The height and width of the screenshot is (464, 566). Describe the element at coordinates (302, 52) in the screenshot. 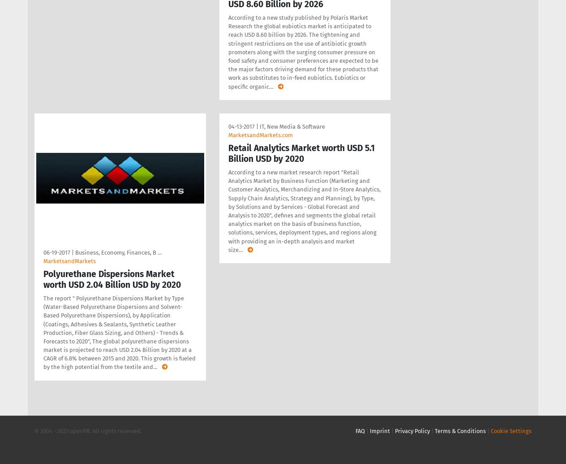

I see `'According to a new study published by Polaris Market Research the global eubiotics market is anticipated to reach USD 8.60 billion by 2026. The tightening and stringent restrictions on the use of antibiotic growth promoters along with the surging consumer pressure on food safety and consumer preferences are expected to be the major factors driving demand for these products that work as substitutes to in-feed eubiotics.
 
Eubiotics or specific organic'` at that location.